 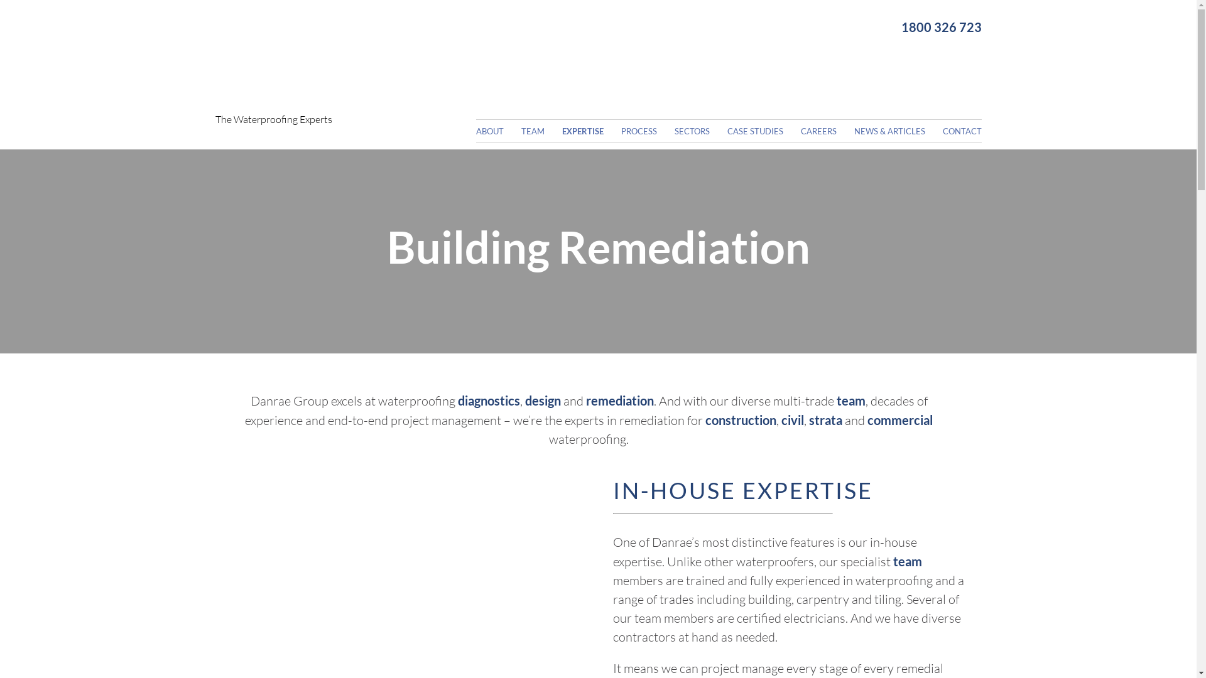 What do you see at coordinates (942, 131) in the screenshot?
I see `'CONTACT'` at bounding box center [942, 131].